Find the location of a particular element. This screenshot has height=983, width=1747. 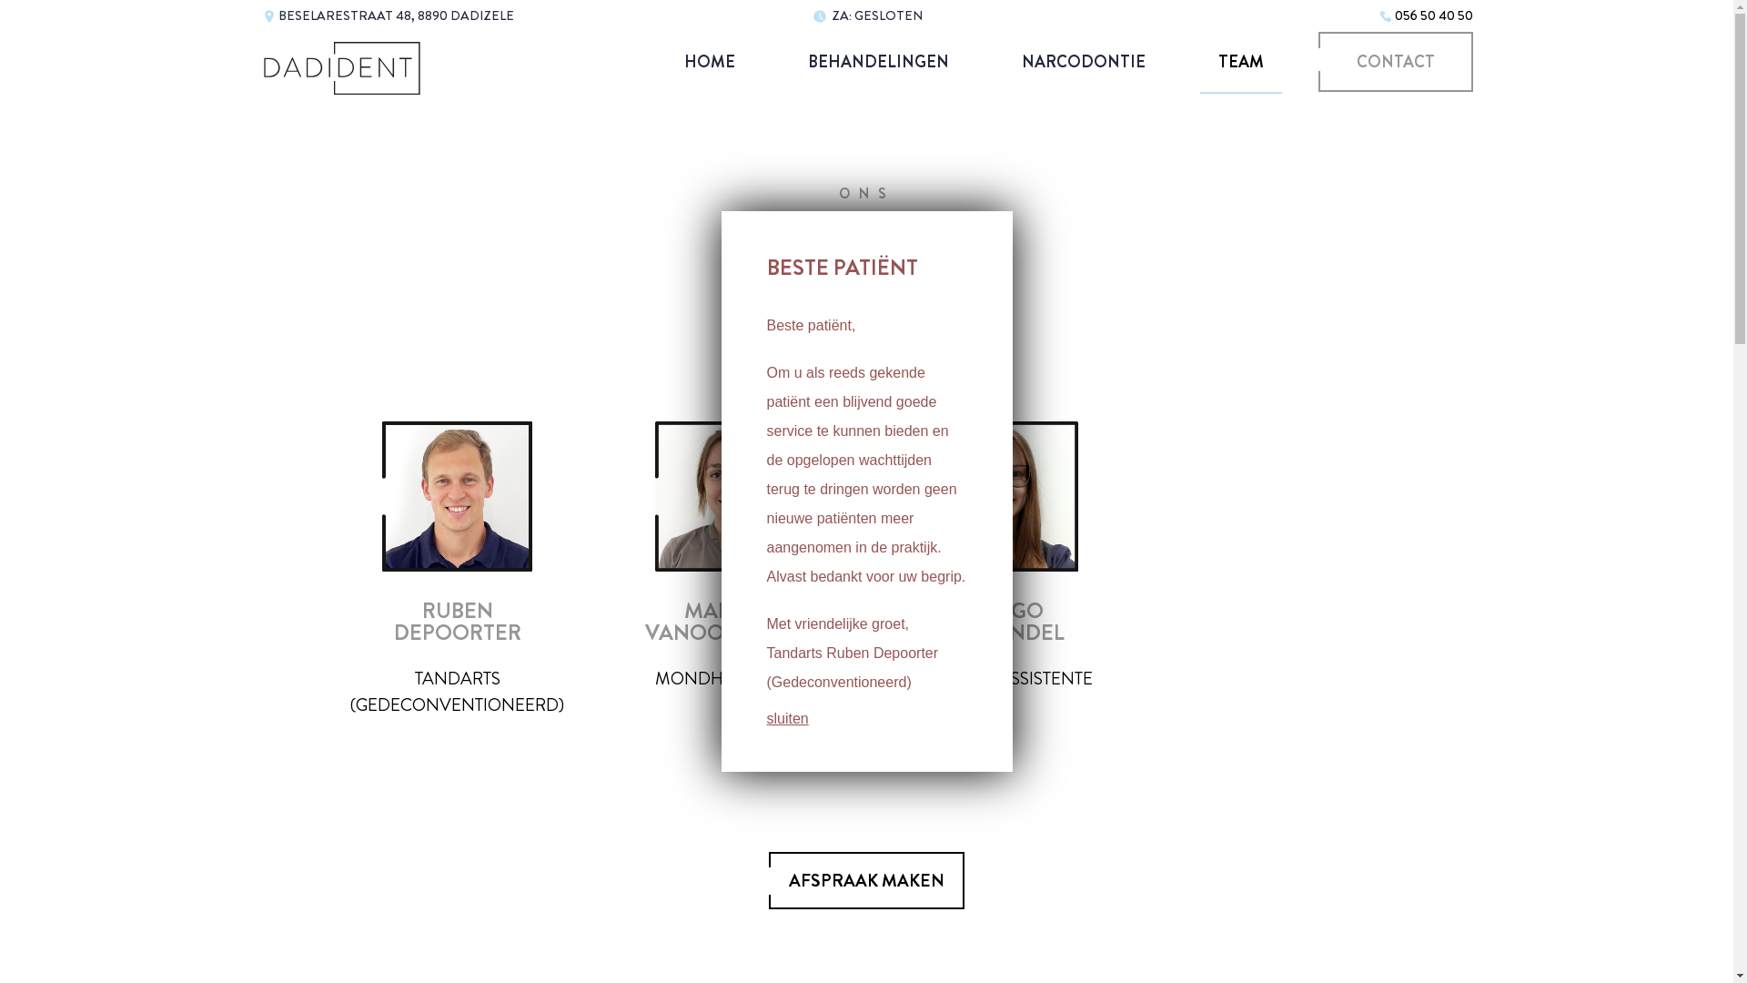

'TEAM' is located at coordinates (1239, 62).